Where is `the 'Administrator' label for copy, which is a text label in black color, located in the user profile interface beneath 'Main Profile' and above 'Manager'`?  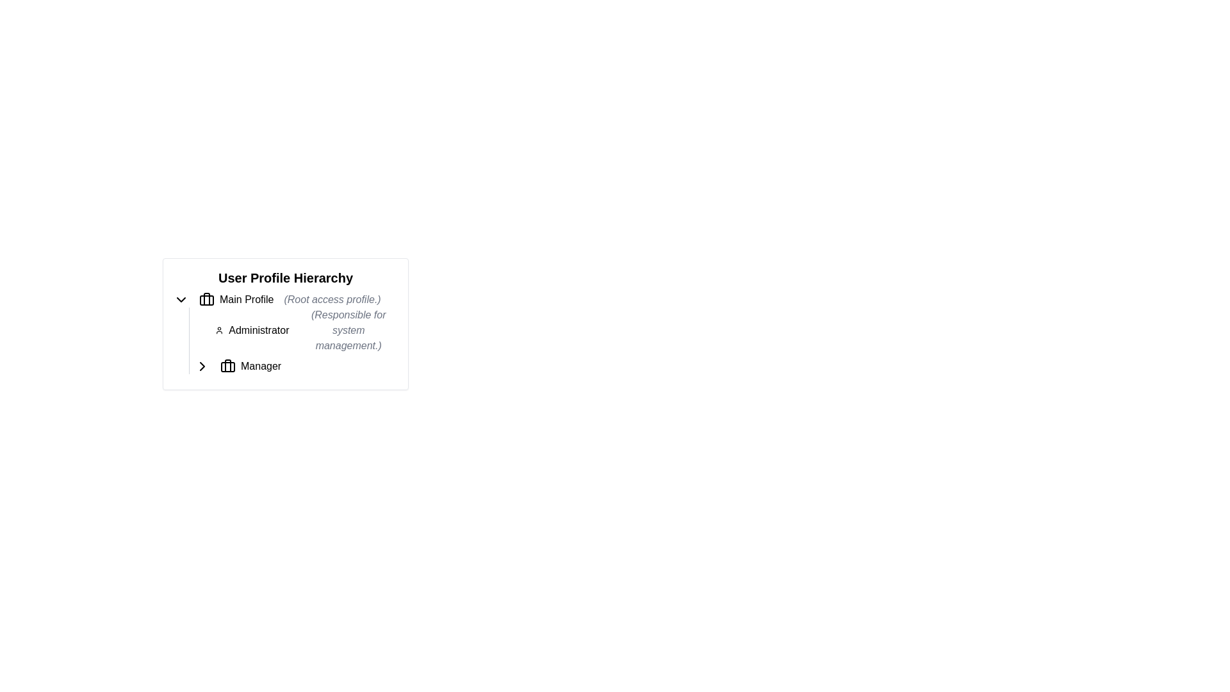
the 'Administrator' label for copy, which is a text label in black color, located in the user profile interface beneath 'Main Profile' and above 'Manager' is located at coordinates (258, 330).